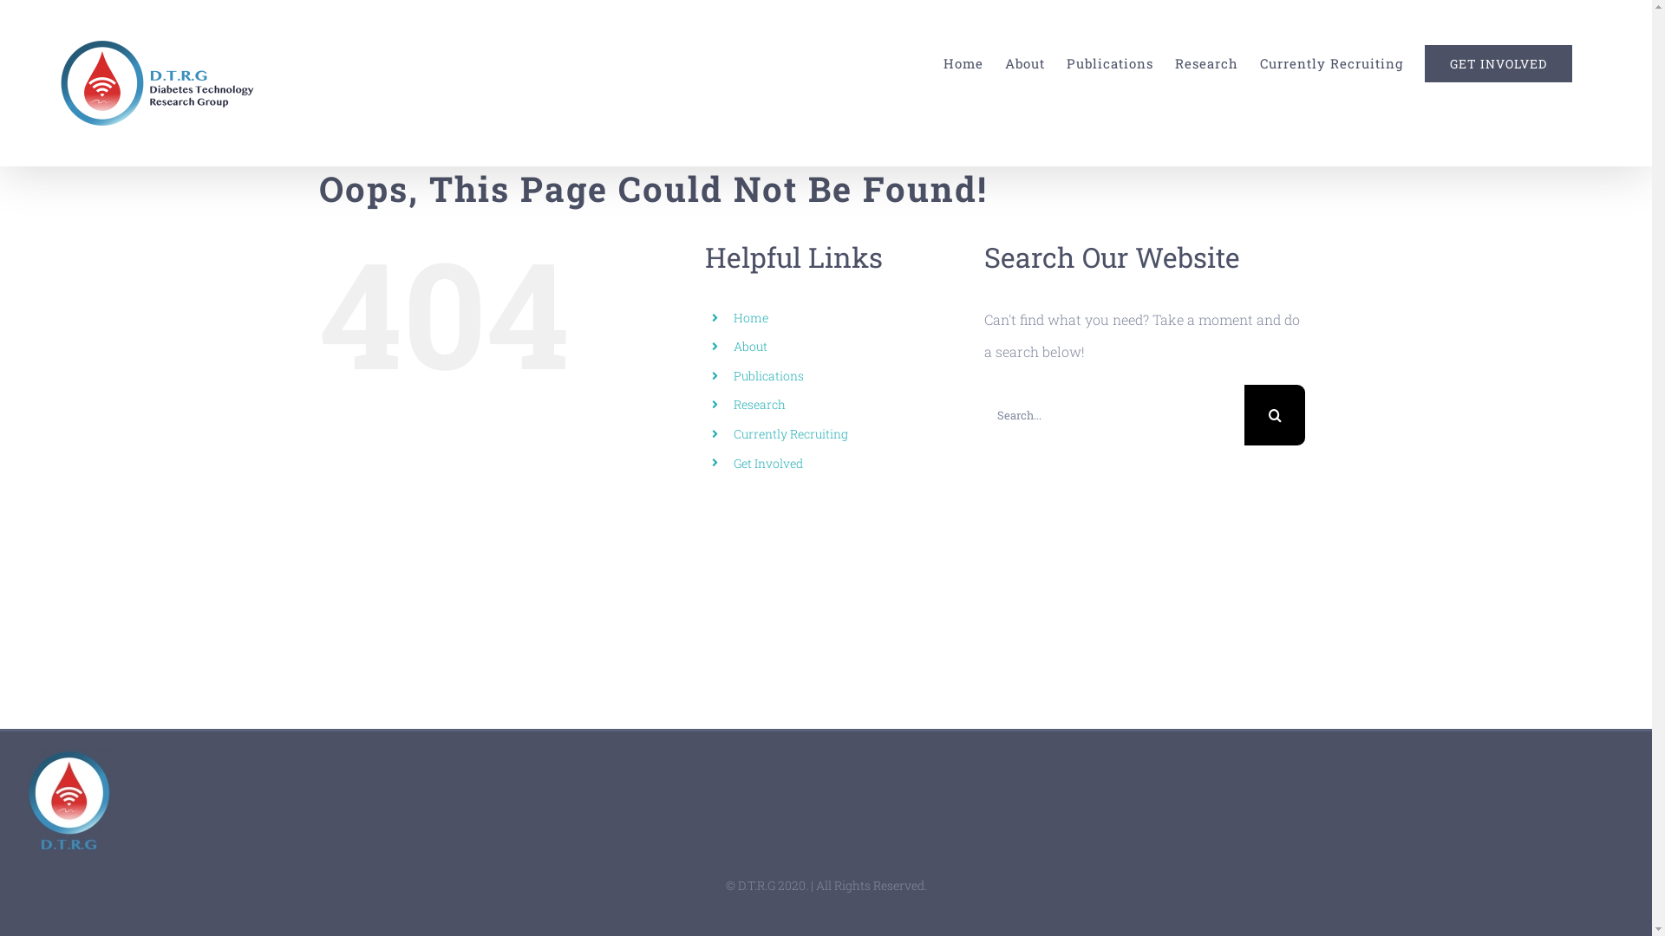  I want to click on 'About', so click(750, 346).